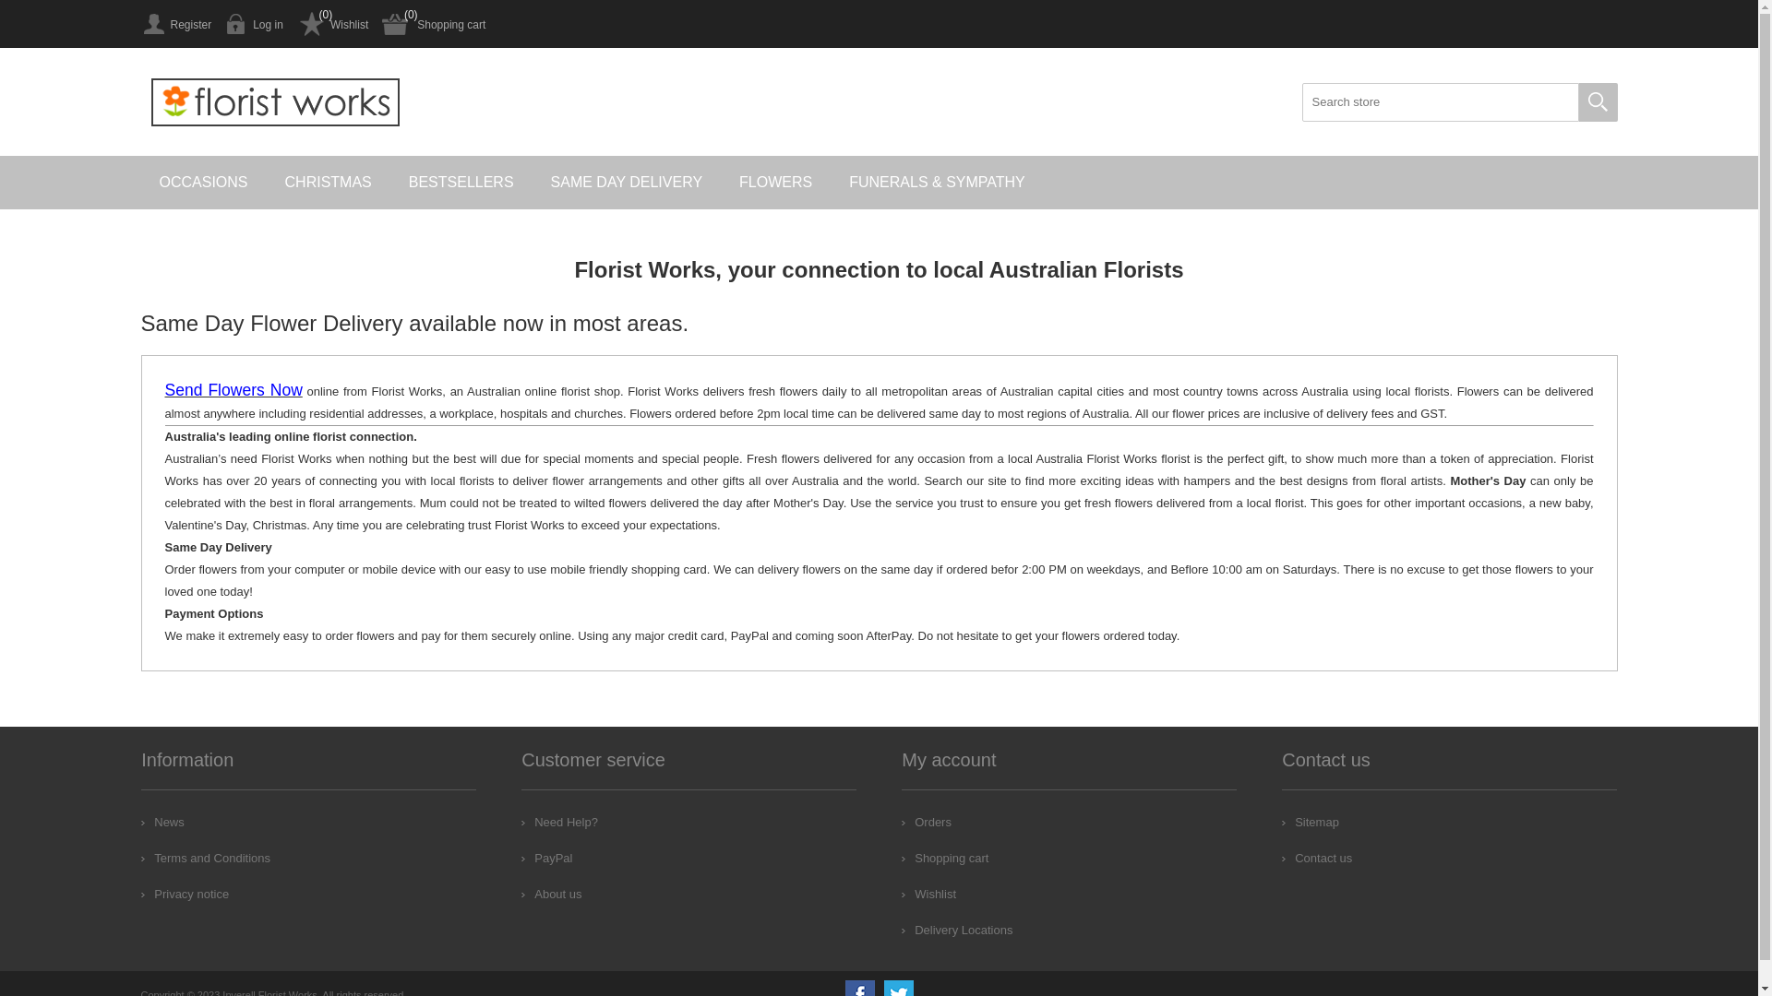  Describe the element at coordinates (265, 182) in the screenshot. I see `'CHRISTMAS'` at that location.